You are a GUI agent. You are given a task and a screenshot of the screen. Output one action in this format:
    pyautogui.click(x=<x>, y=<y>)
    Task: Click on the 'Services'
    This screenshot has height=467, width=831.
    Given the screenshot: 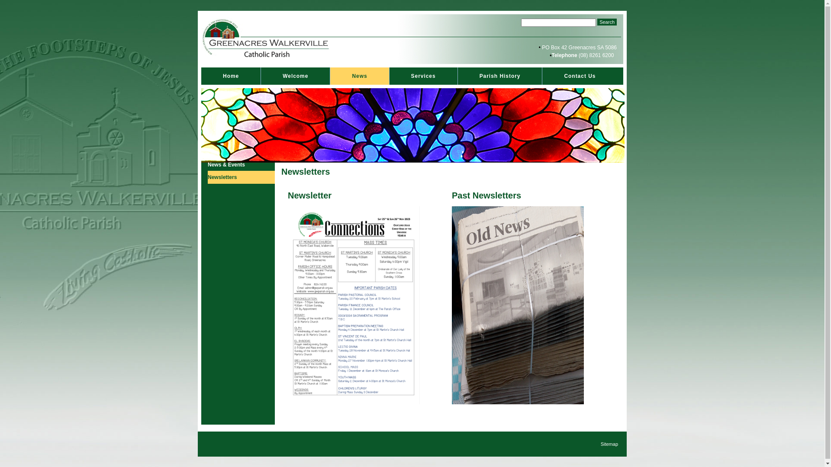 What is the action you would take?
    pyautogui.click(x=423, y=76)
    